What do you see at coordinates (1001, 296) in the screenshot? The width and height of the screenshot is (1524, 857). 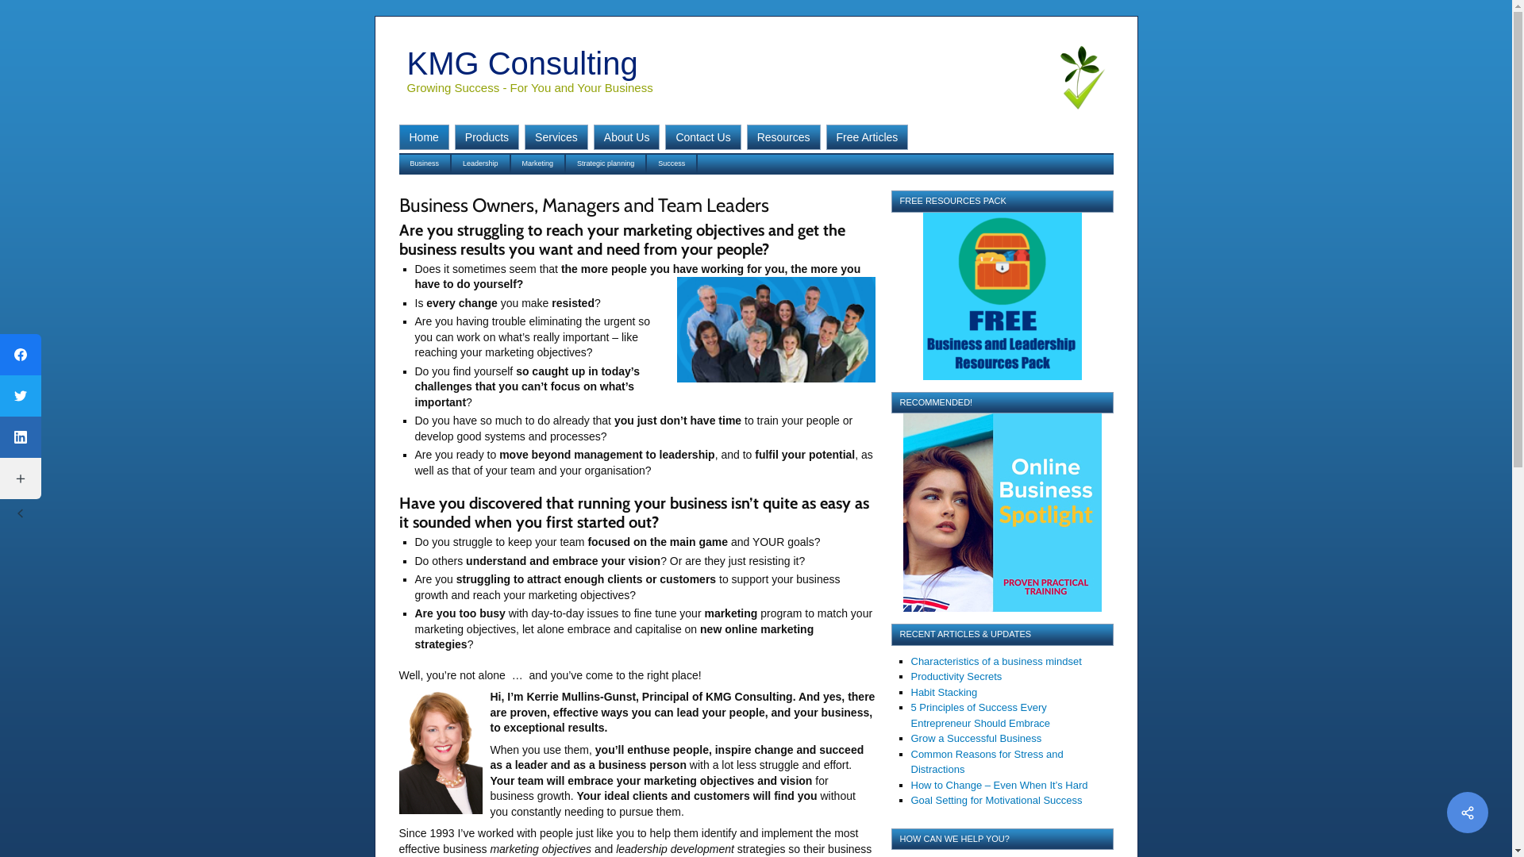 I see `'Free Leadership Resources Pack'` at bounding box center [1001, 296].